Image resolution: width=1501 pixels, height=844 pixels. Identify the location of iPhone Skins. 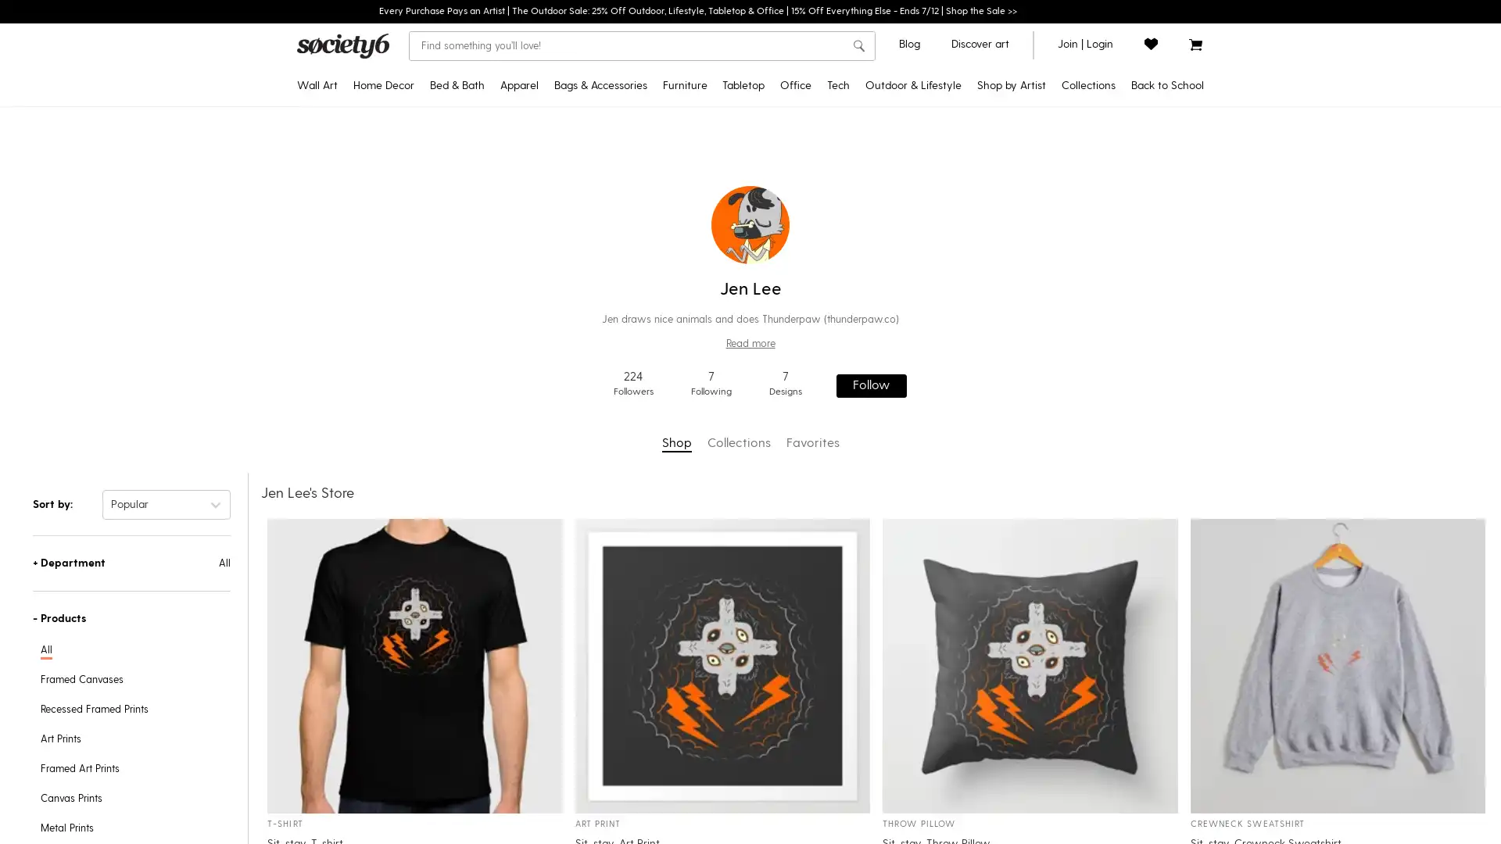
(894, 402).